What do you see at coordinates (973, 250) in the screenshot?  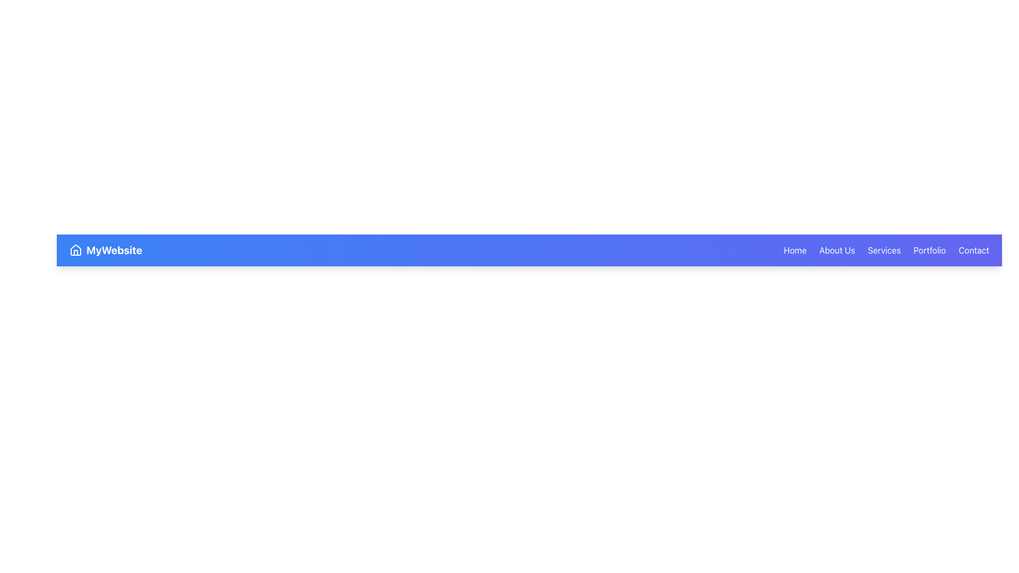 I see `the 'Contact' link in the navigation bar` at bounding box center [973, 250].